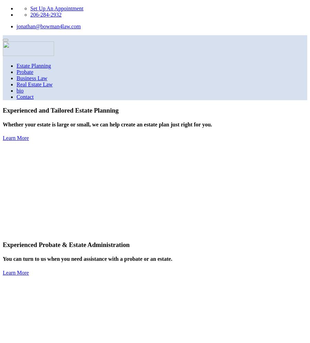  What do you see at coordinates (49, 26) in the screenshot?
I see `'jonathan@bowman4law.com'` at bounding box center [49, 26].